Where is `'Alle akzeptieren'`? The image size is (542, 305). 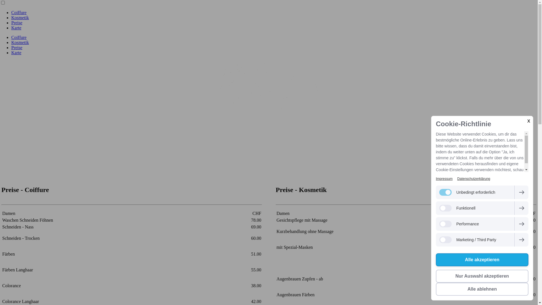
'Alle akzeptieren' is located at coordinates (482, 260).